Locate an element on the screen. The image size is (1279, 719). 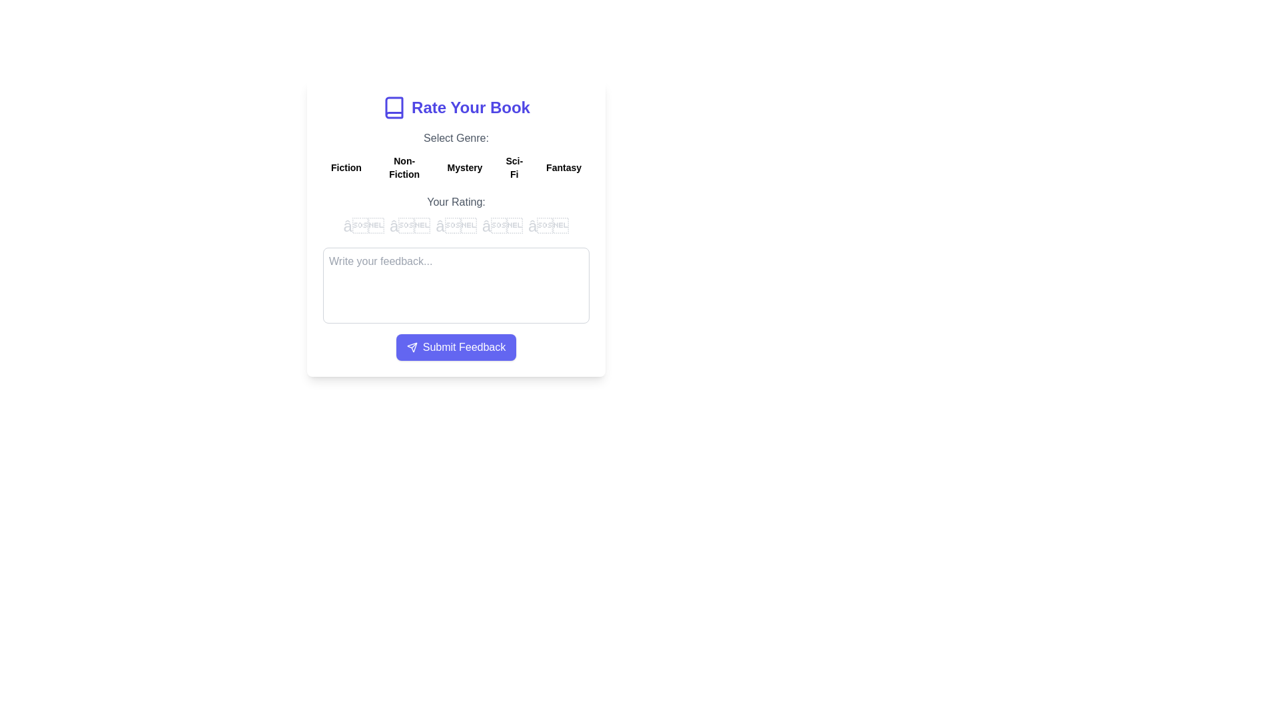
the fourth star icon in the rating system, which is rendered in light gray and part of a horizontally aligned row below the header 'Your Rating' is located at coordinates (502, 225).